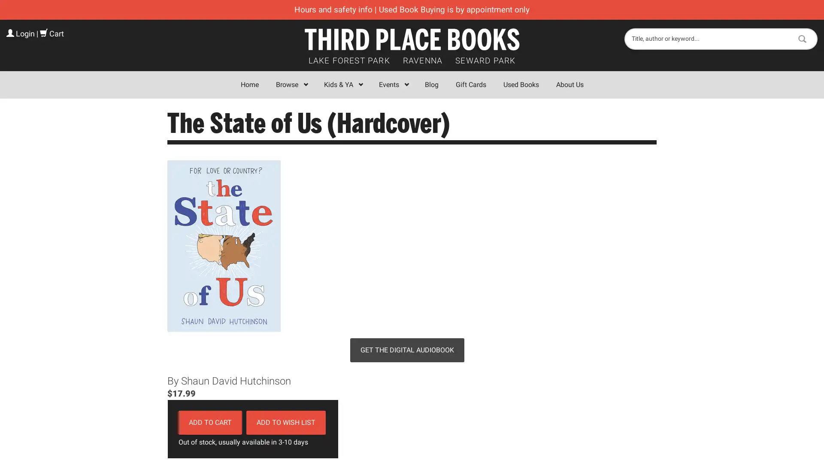 The height and width of the screenshot is (463, 824). Describe the element at coordinates (210, 421) in the screenshot. I see `Add to Cart` at that location.